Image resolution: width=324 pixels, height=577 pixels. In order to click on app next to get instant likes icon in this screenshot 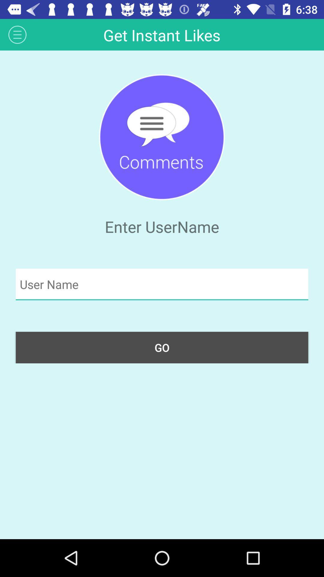, I will do `click(17, 34)`.